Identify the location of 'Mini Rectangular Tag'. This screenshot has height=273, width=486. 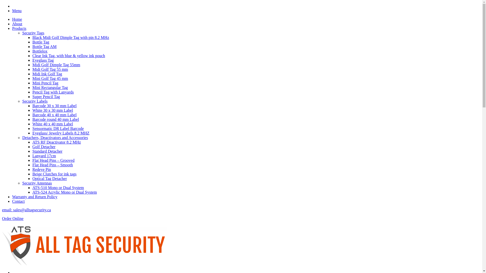
(50, 87).